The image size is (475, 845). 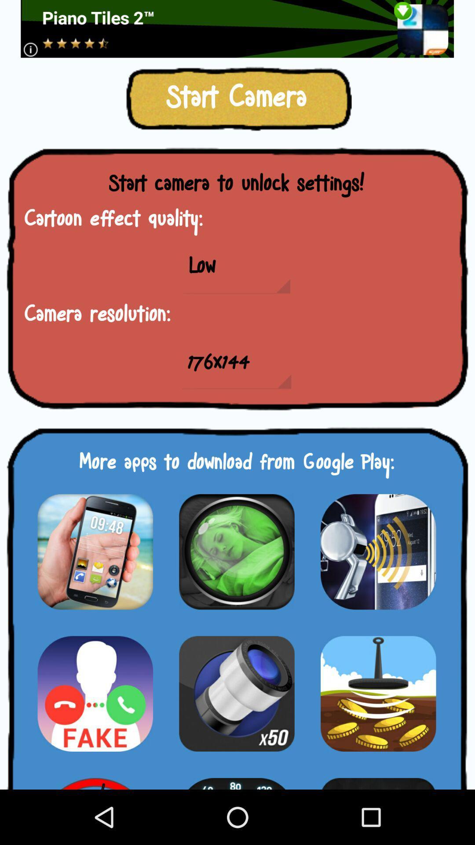 What do you see at coordinates (378, 778) in the screenshot?
I see `app option` at bounding box center [378, 778].